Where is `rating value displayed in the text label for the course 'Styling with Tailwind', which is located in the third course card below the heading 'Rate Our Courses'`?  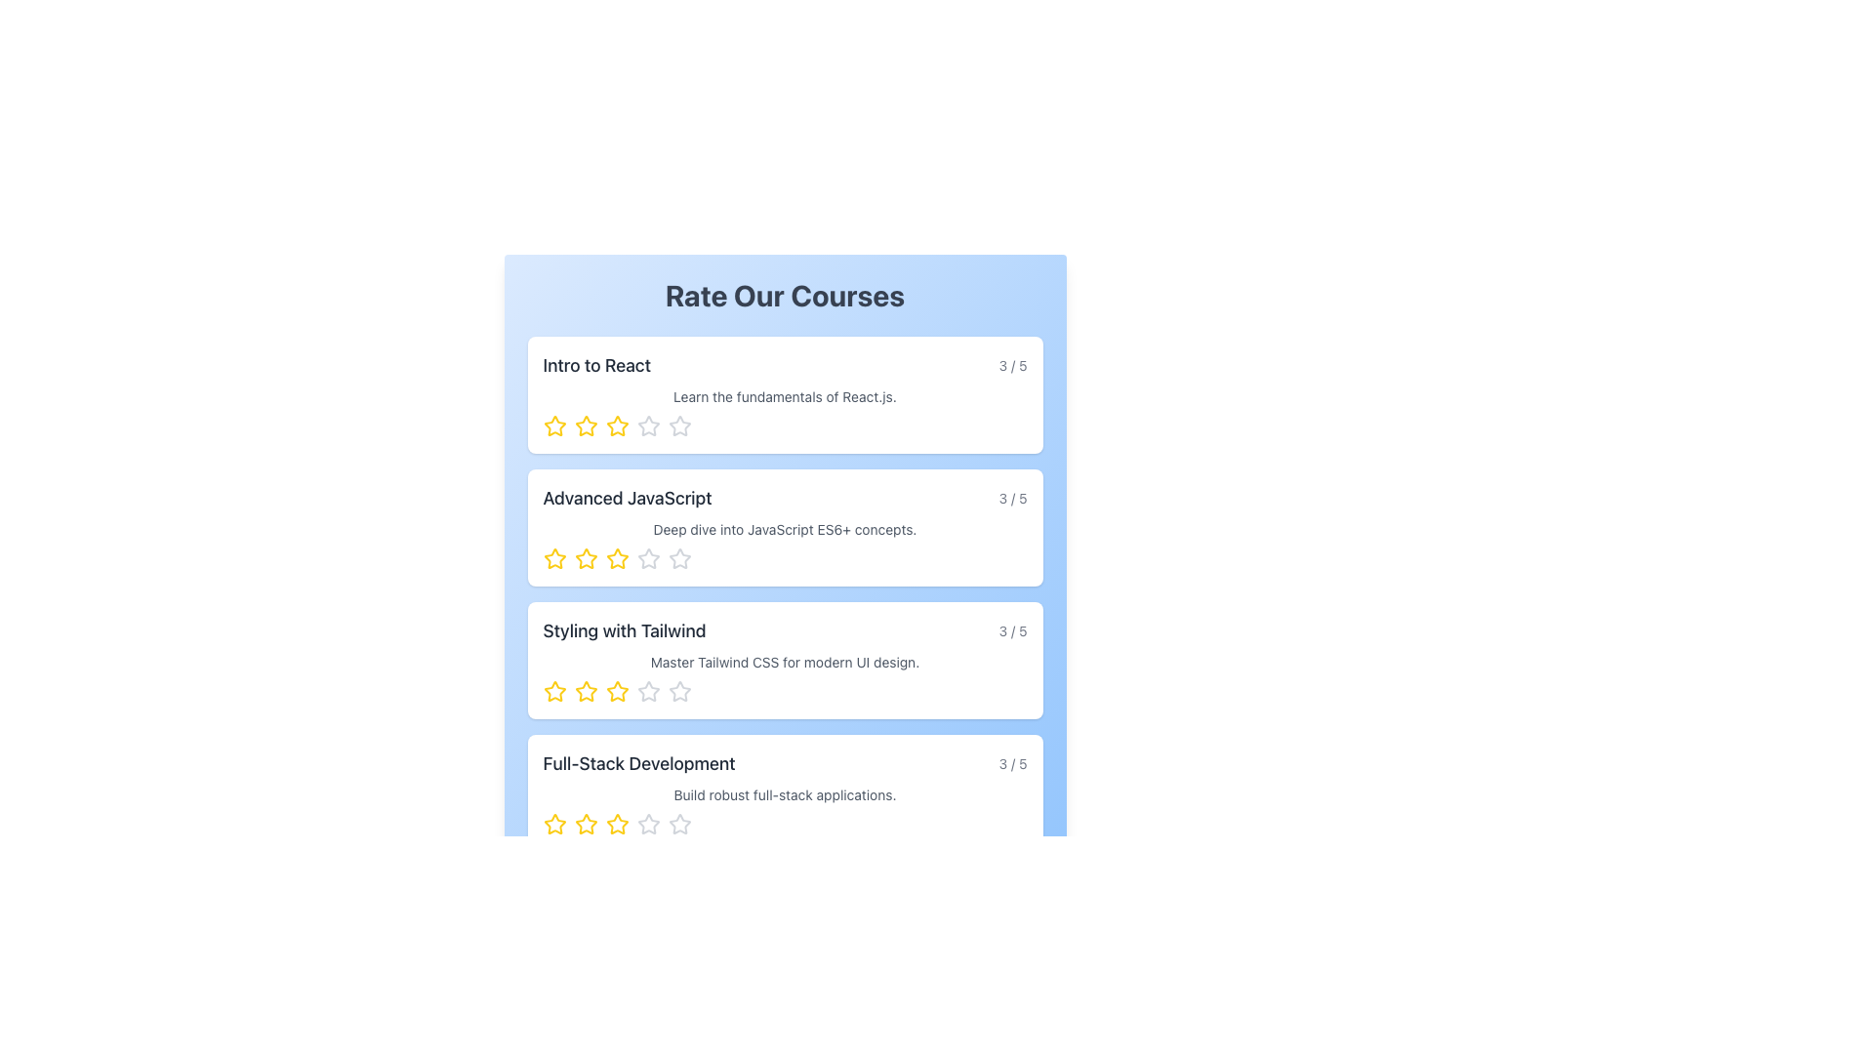
rating value displayed in the text label for the course 'Styling with Tailwind', which is located in the third course card below the heading 'Rate Our Courses' is located at coordinates (1013, 631).